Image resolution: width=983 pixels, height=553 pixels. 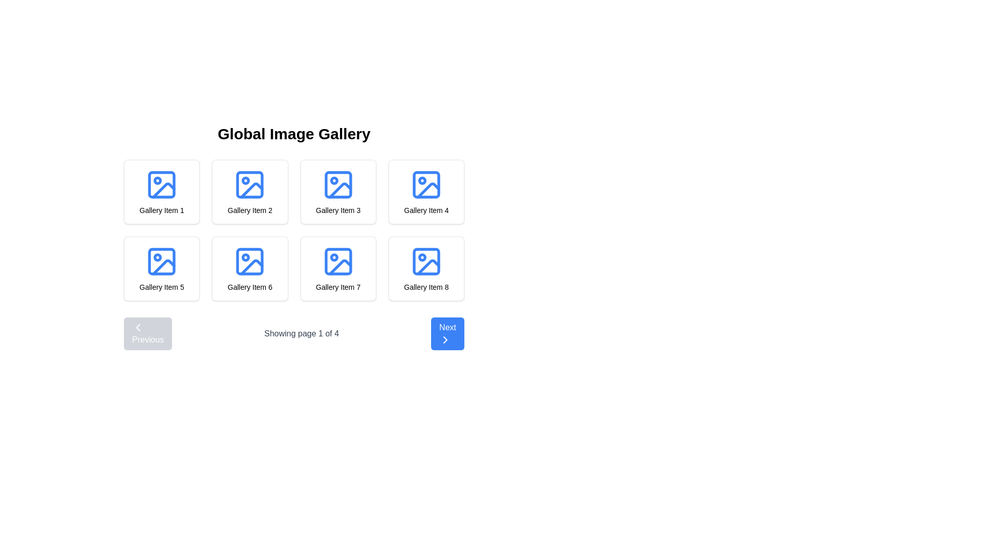 What do you see at coordinates (246, 180) in the screenshot?
I see `the circular decorative element within the SVG representation of 'Gallery Item 2', located at the top-left corner of the icon` at bounding box center [246, 180].